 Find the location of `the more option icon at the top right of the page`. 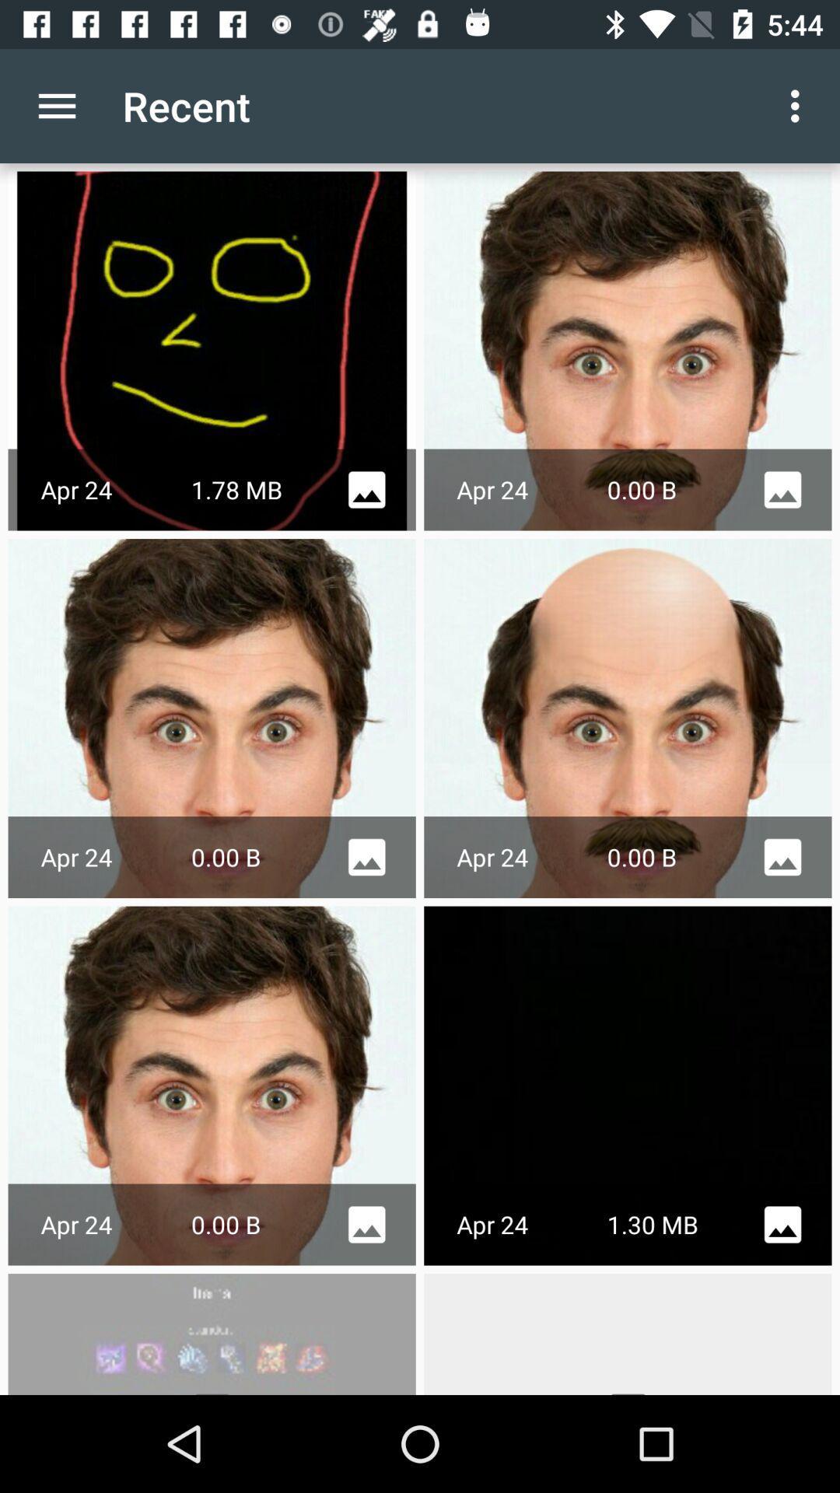

the more option icon at the top right of the page is located at coordinates (799, 106).